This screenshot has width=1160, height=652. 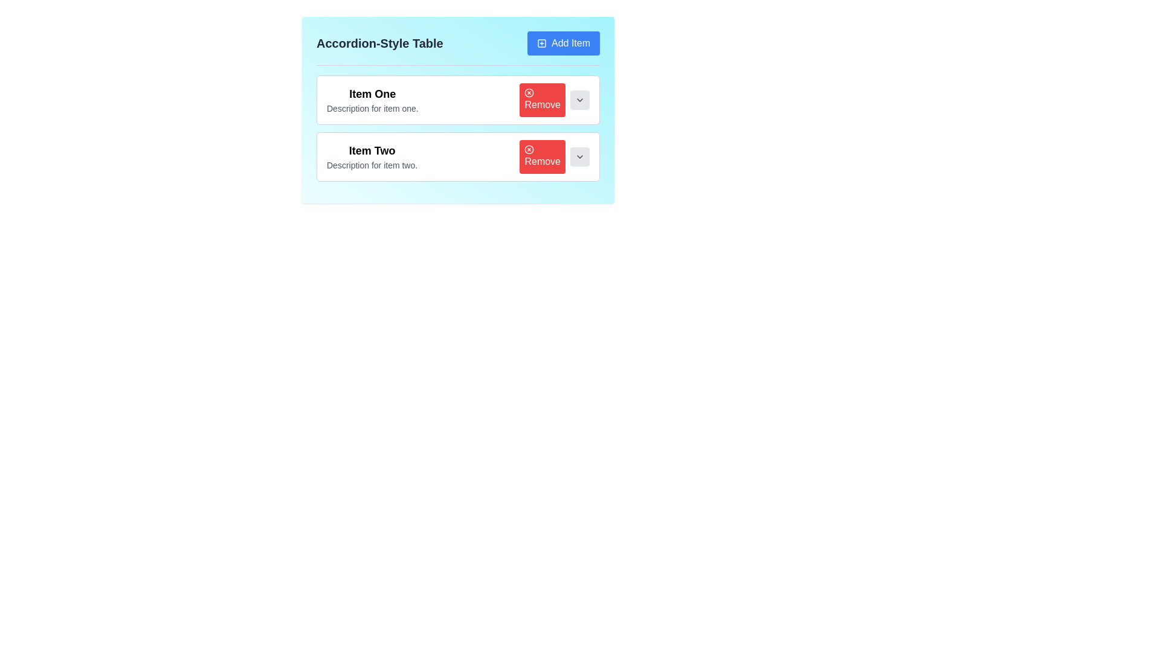 I want to click on the red 'Remove' button icon located in the first row of the table under 'Item One', which is positioned on the right side of the row next to the dropdown button, so click(x=529, y=92).